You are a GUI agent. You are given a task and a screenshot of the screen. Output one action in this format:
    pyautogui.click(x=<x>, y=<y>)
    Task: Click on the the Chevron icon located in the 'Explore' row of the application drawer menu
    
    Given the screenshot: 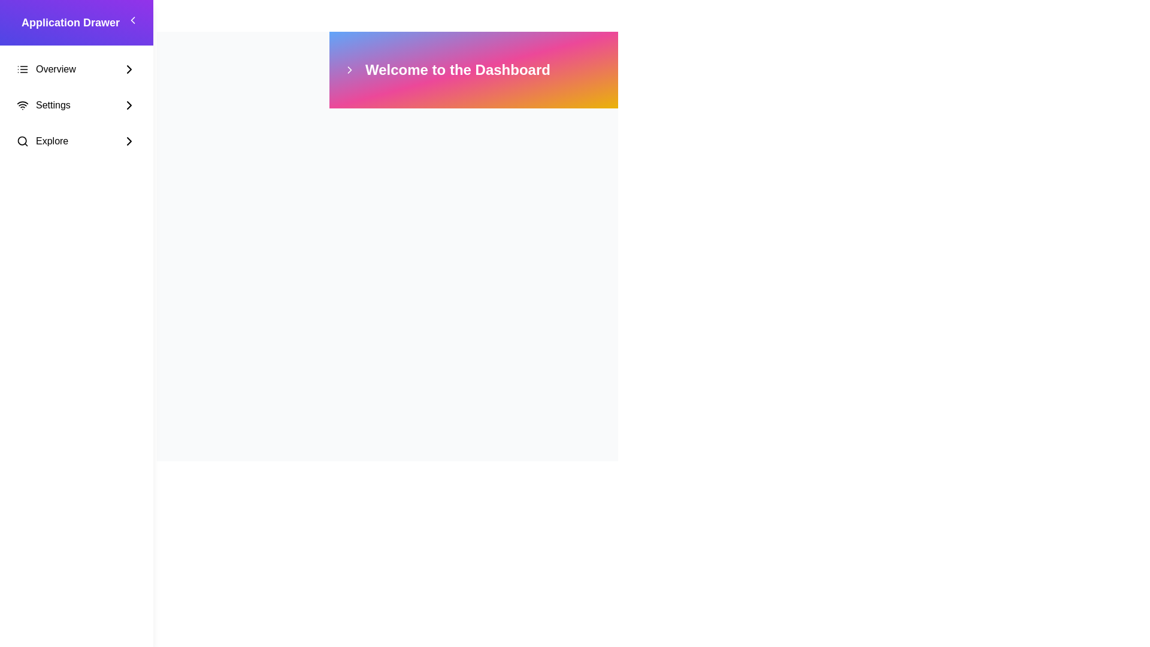 What is the action you would take?
    pyautogui.click(x=129, y=140)
    